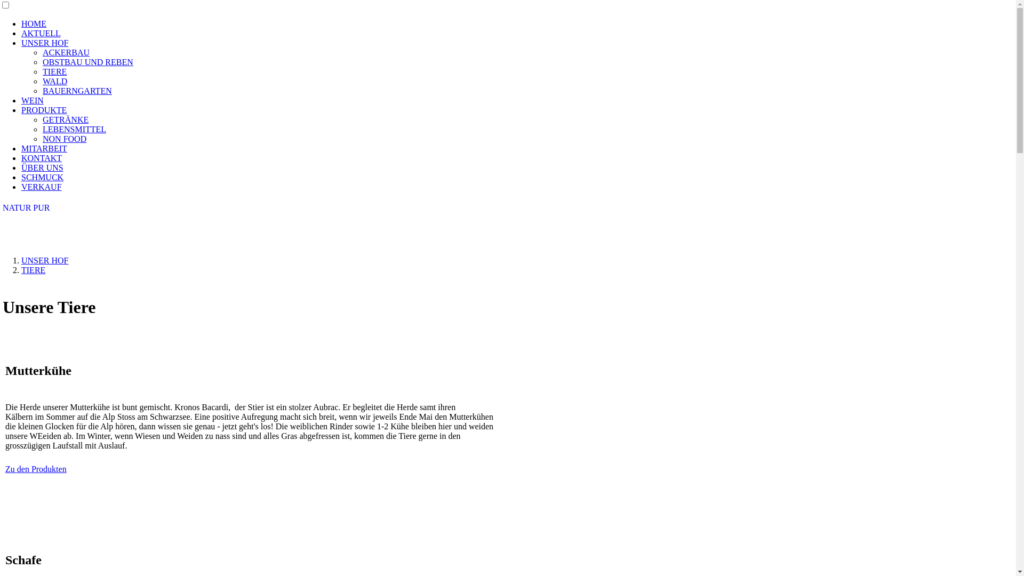  I want to click on 'WALD', so click(54, 81).